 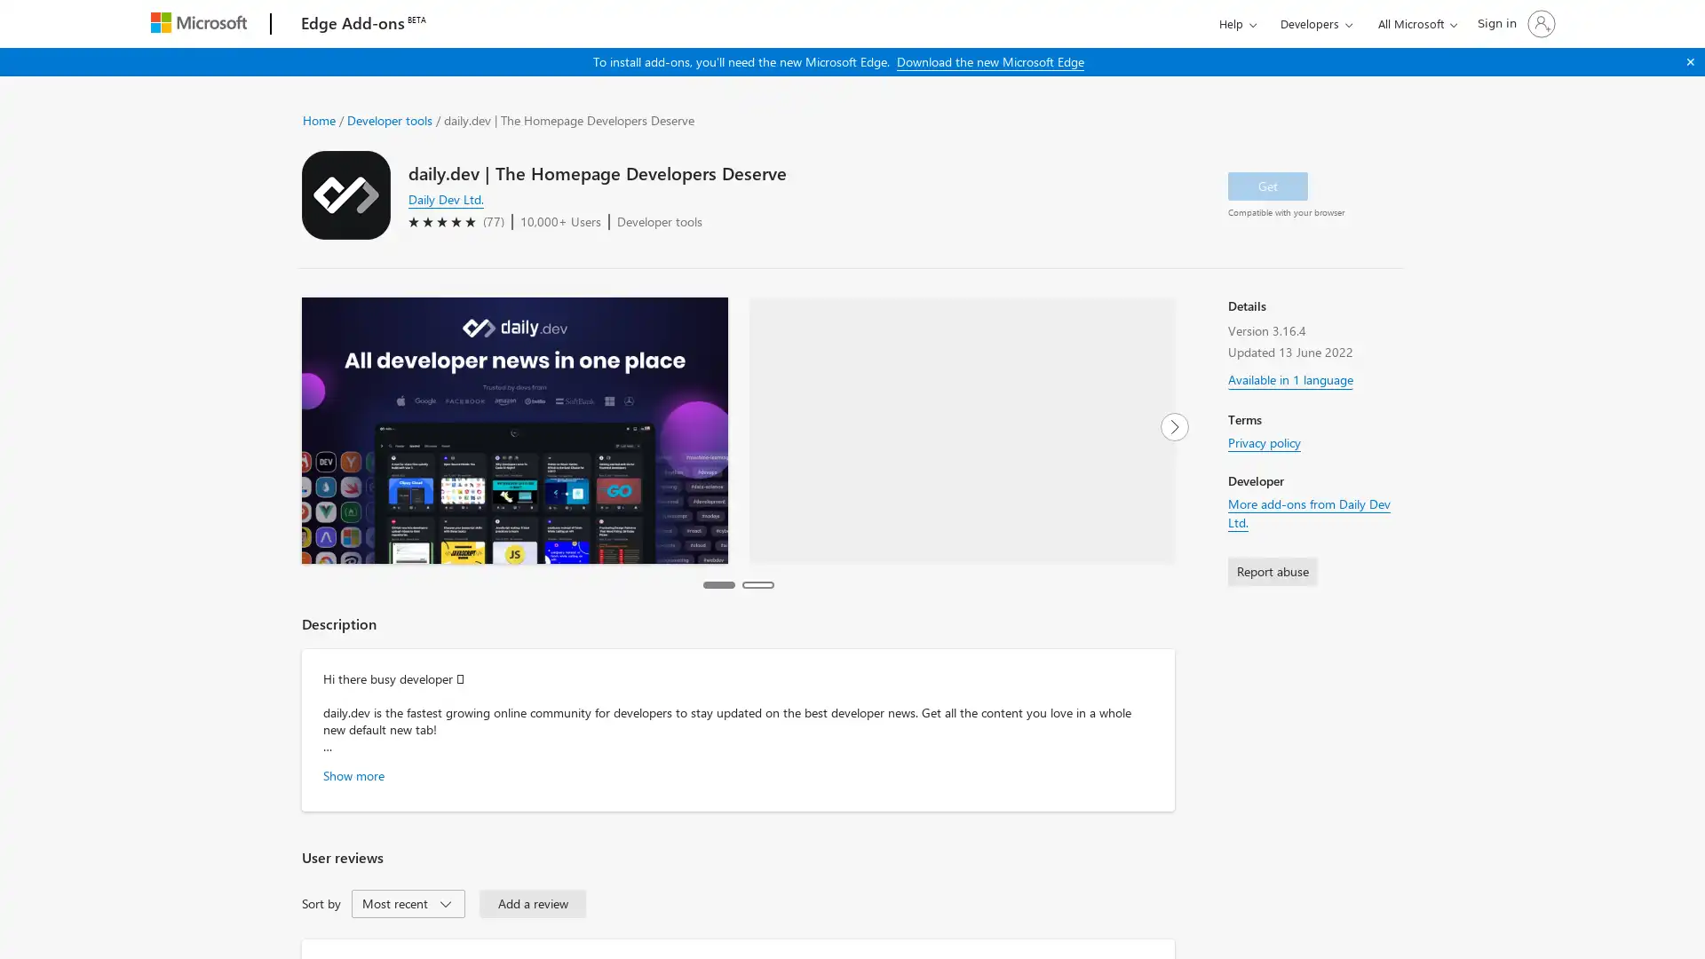 What do you see at coordinates (1236, 23) in the screenshot?
I see `Help` at bounding box center [1236, 23].